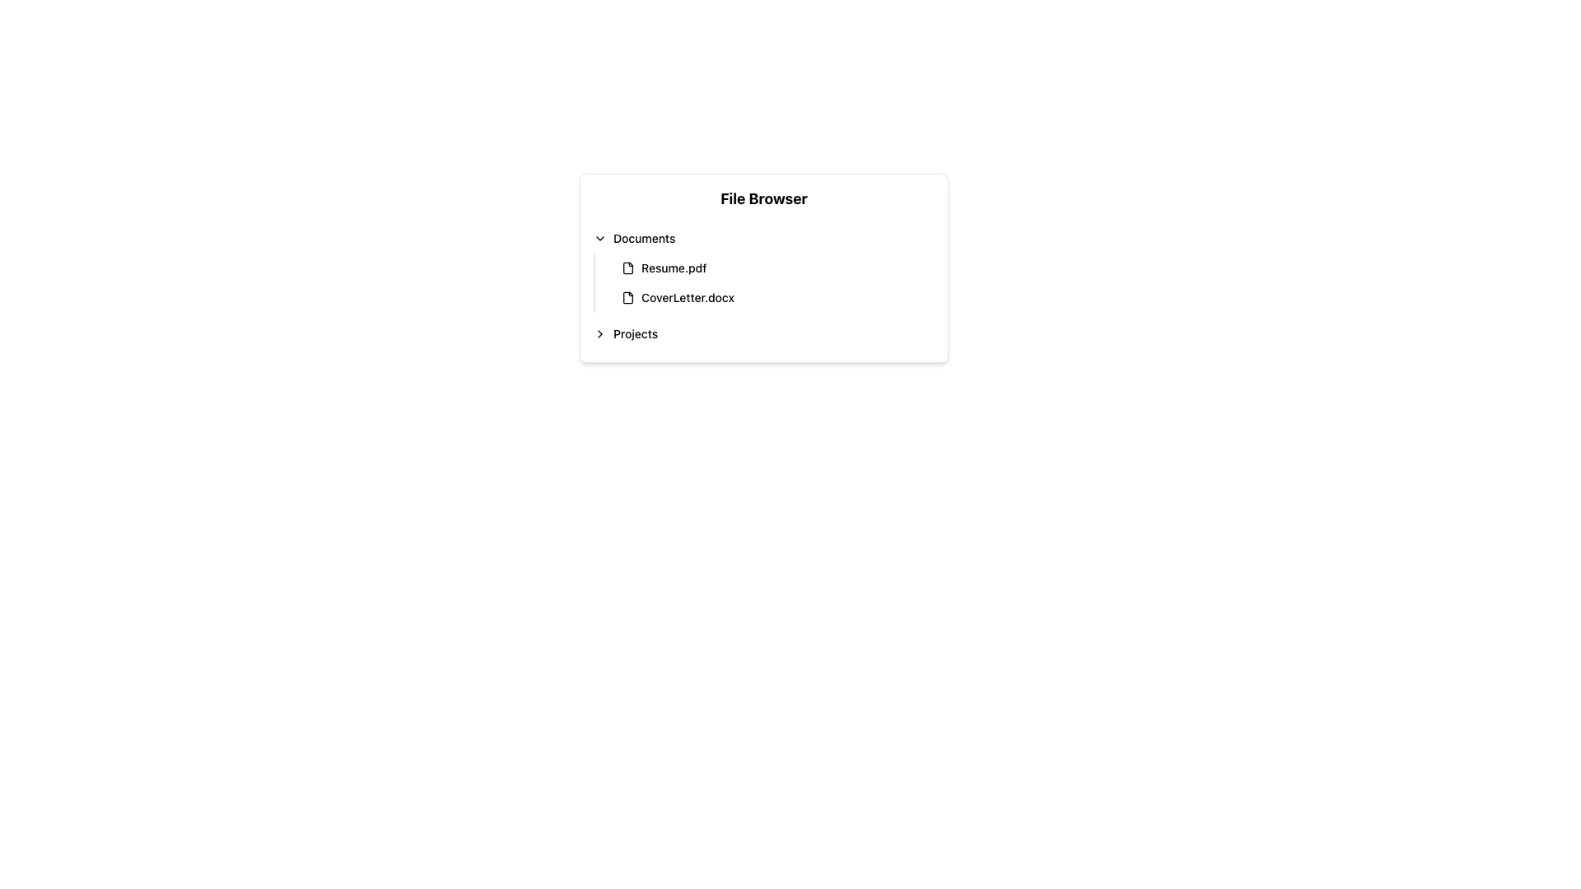 This screenshot has width=1581, height=889. I want to click on the file icon representing 'CoverLetter.docx', so click(627, 298).